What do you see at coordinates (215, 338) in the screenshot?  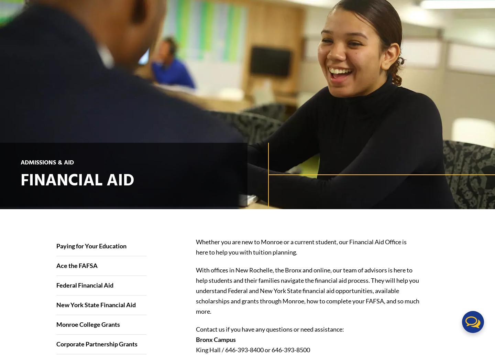 I see `'Bronx Campus'` at bounding box center [215, 338].